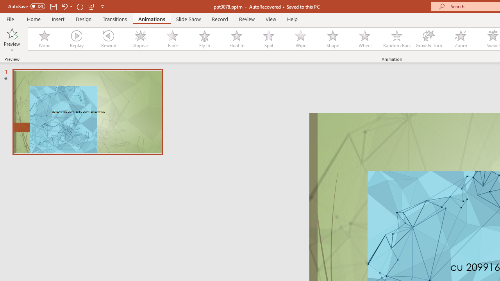 The height and width of the screenshot is (281, 500). Describe the element at coordinates (397, 39) in the screenshot. I see `'Random Bars'` at that location.